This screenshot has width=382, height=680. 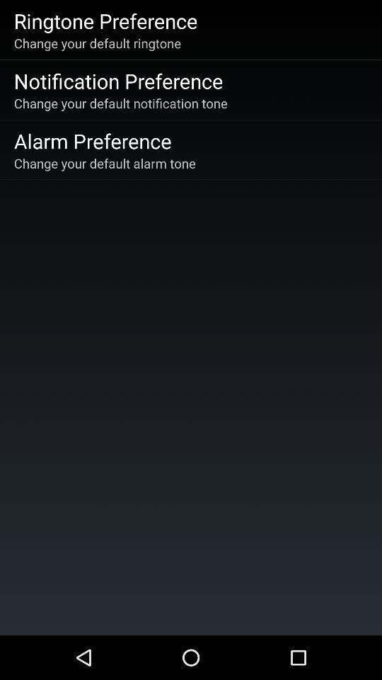 What do you see at coordinates (93, 140) in the screenshot?
I see `alarm preference icon` at bounding box center [93, 140].